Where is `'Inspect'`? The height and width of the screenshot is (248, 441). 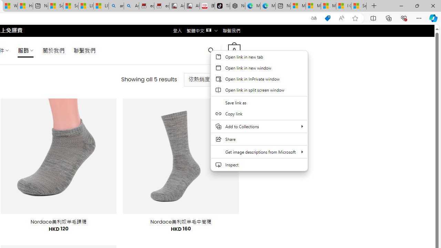
'Inspect' is located at coordinates (259, 165).